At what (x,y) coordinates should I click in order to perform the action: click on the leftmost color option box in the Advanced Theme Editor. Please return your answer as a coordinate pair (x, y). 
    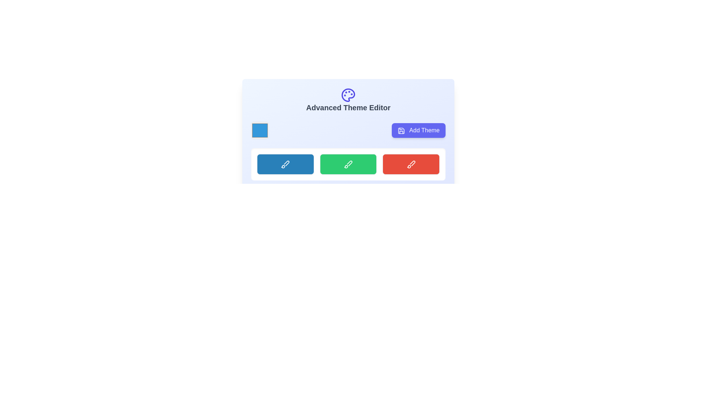
    Looking at the image, I should click on (260, 130).